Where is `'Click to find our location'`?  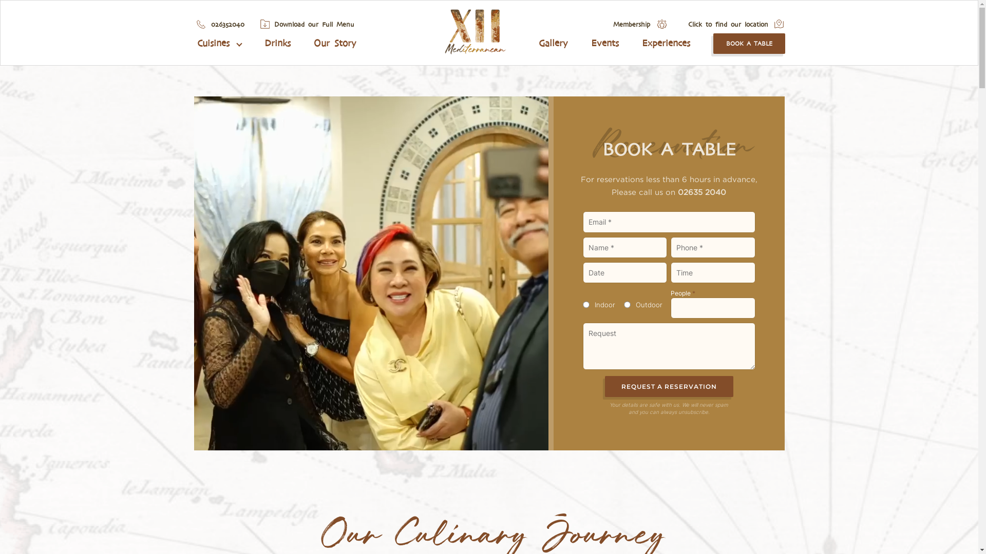
'Click to find our location' is located at coordinates (727, 24).